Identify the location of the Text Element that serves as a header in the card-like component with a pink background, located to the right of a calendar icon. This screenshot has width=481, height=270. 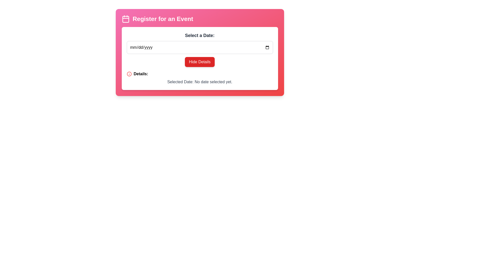
(163, 19).